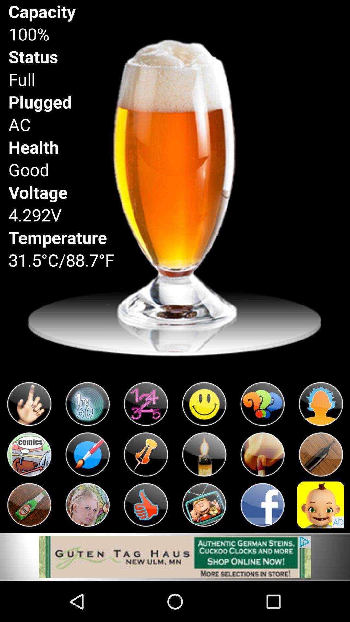 This screenshot has height=622, width=350. What do you see at coordinates (262, 432) in the screenshot?
I see `the help icon` at bounding box center [262, 432].